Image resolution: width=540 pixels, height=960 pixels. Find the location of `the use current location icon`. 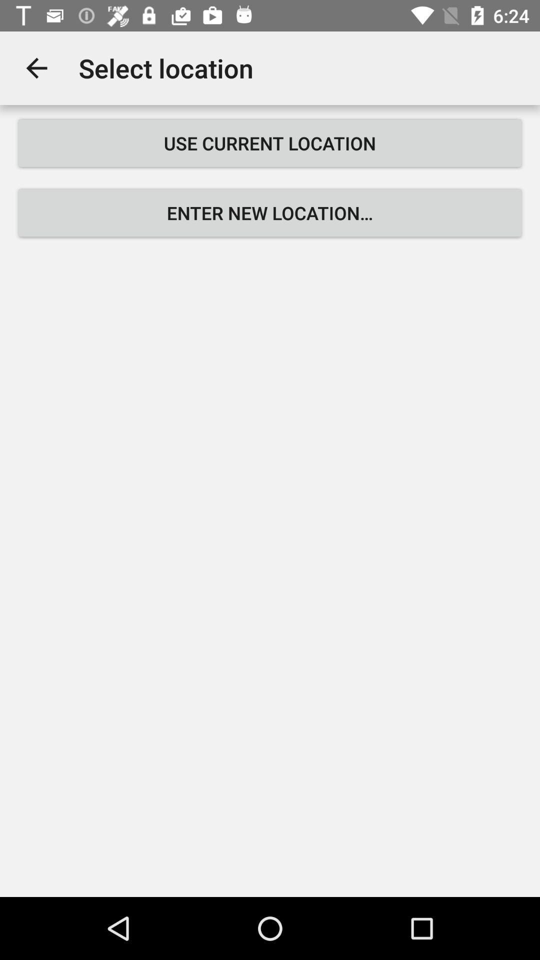

the use current location icon is located at coordinates (270, 142).